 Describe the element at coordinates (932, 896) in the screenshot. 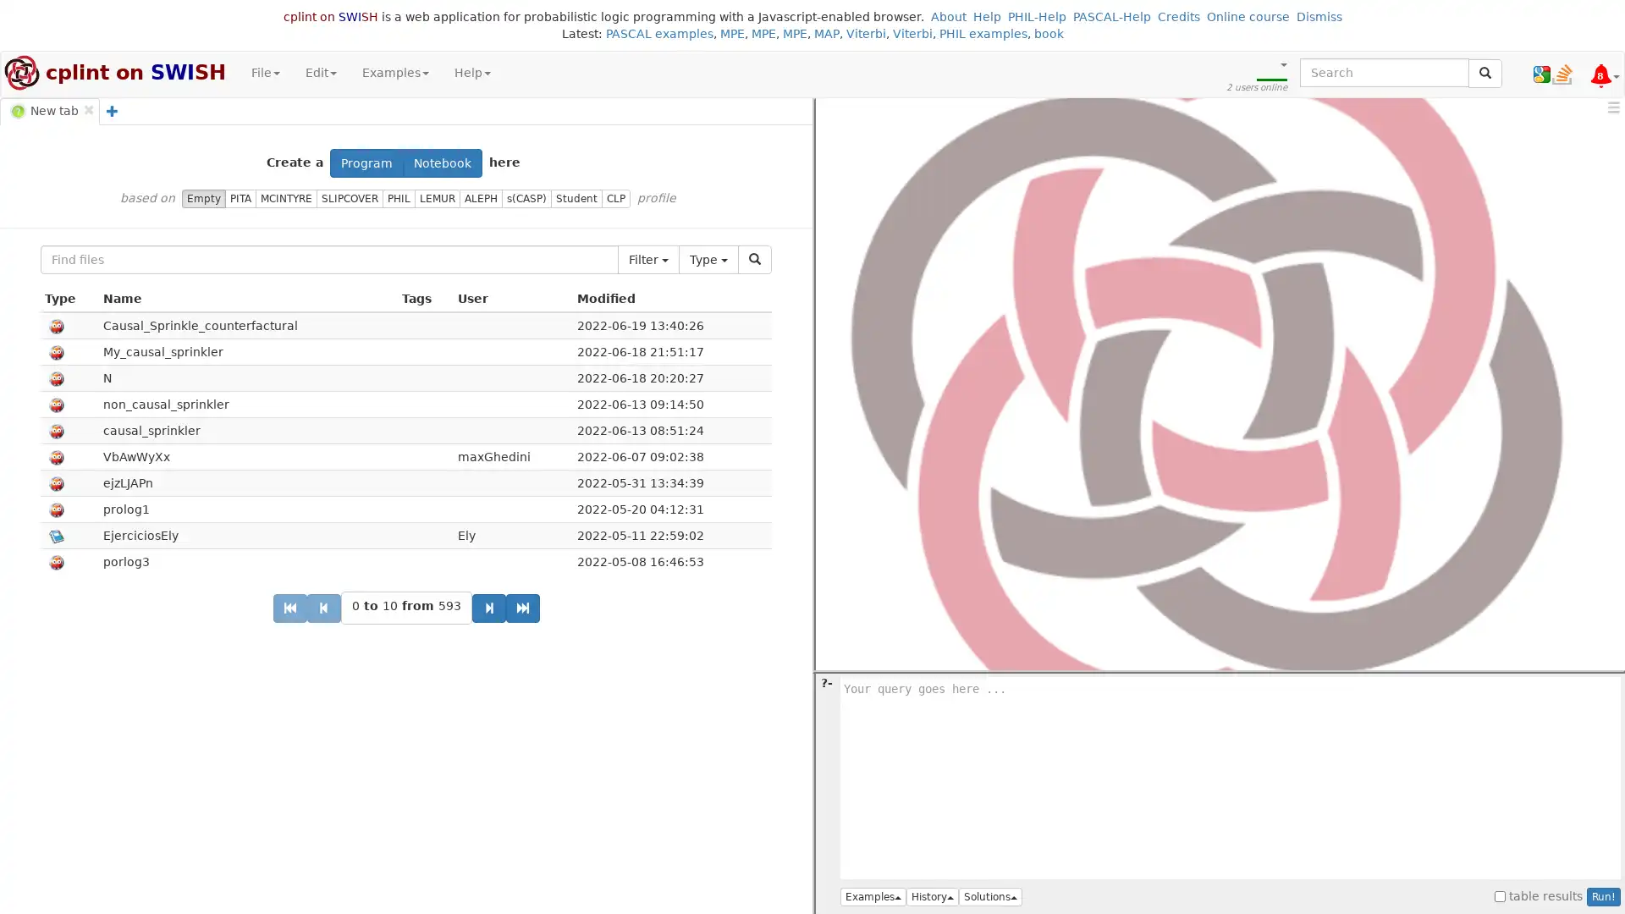

I see `History` at that location.